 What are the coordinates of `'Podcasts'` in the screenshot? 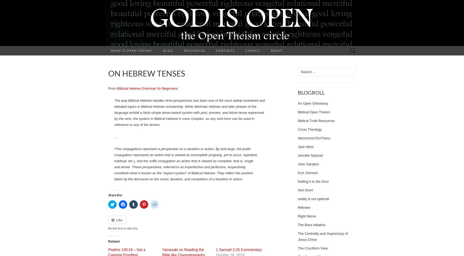 It's located at (225, 50).